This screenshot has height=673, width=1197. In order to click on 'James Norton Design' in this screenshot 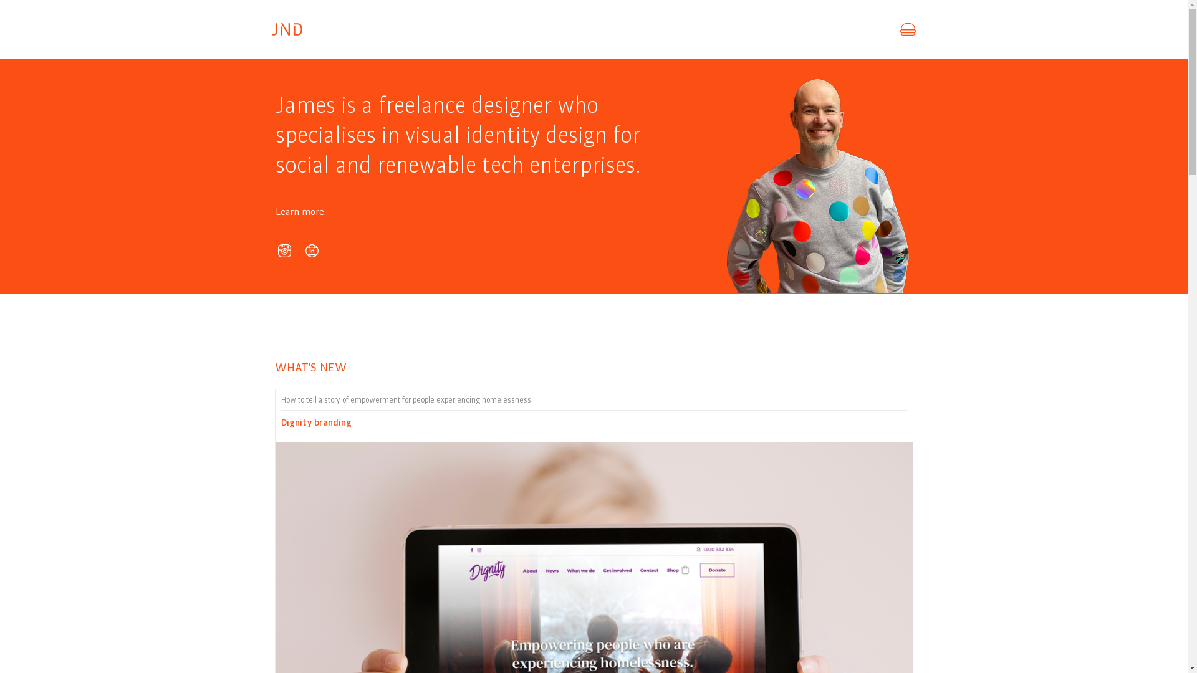, I will do `click(286, 28)`.